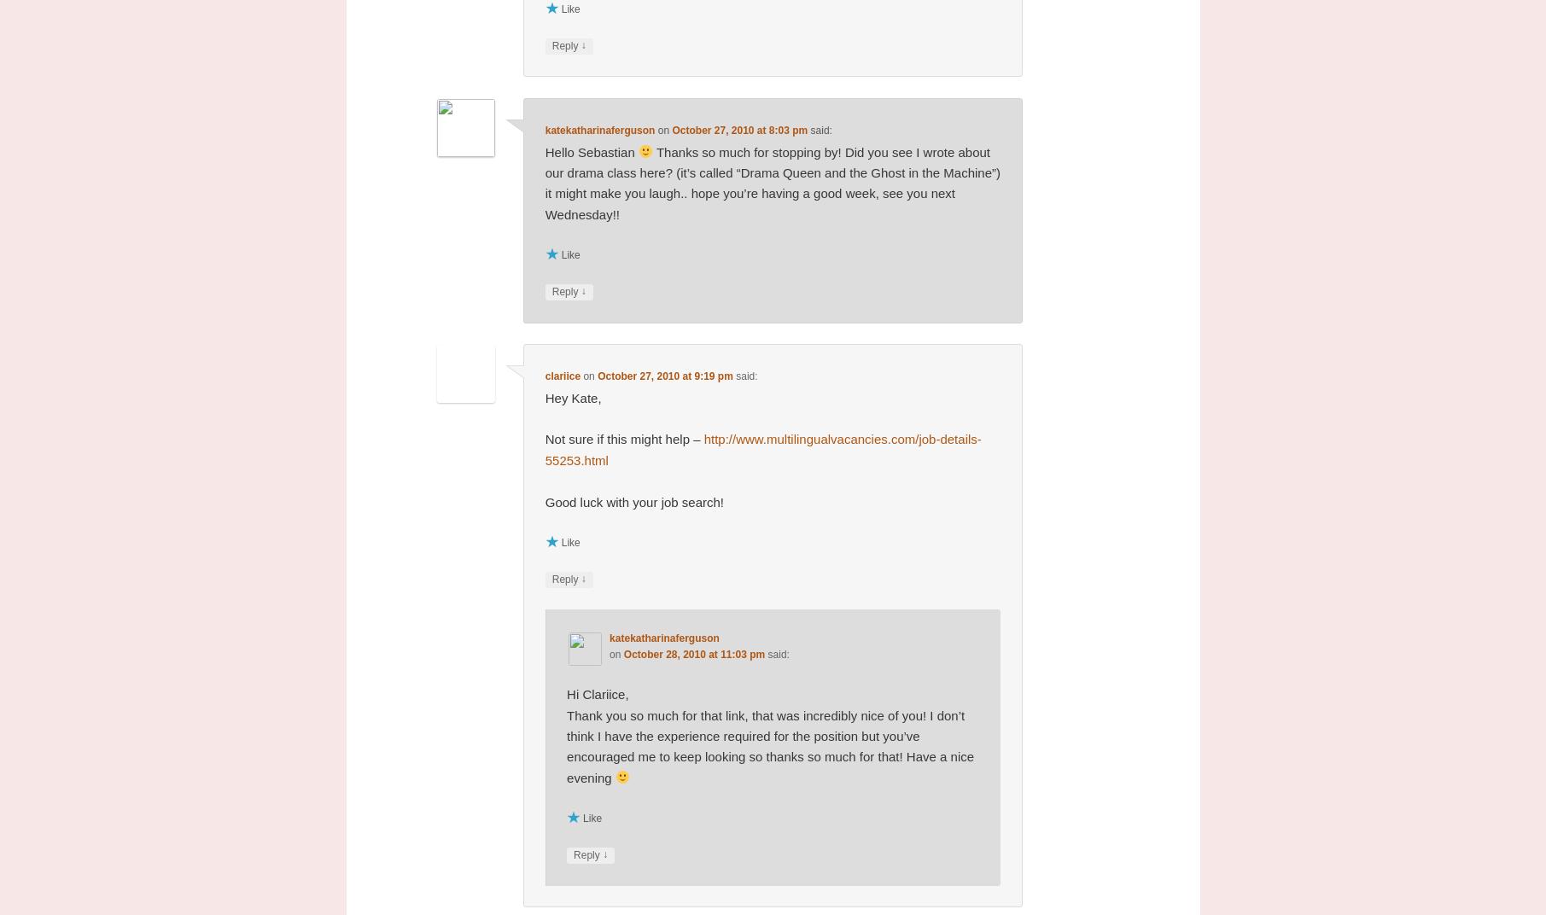  Describe the element at coordinates (545, 500) in the screenshot. I see `'Good luck with your job search!'` at that location.